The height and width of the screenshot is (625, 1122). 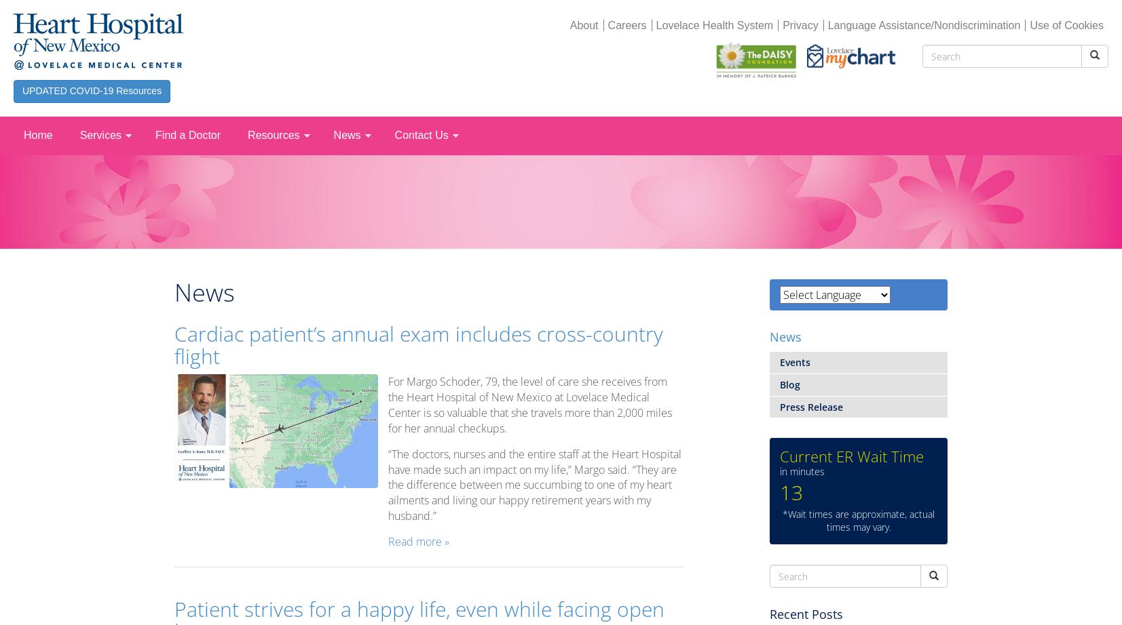 I want to click on 'Press Release', so click(x=810, y=406).